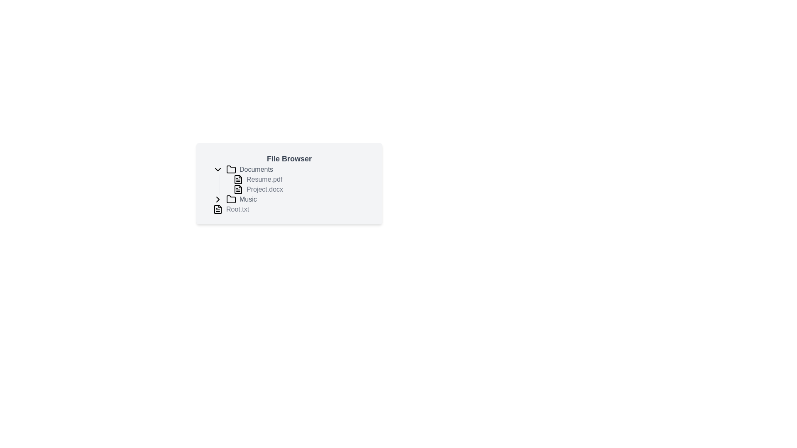  Describe the element at coordinates (238, 189) in the screenshot. I see `the file icon representing 'Project.docx' in the file management system, which is styled with a white fill and a black outline, and is the third item in the list under the 'Documents' folder` at that location.